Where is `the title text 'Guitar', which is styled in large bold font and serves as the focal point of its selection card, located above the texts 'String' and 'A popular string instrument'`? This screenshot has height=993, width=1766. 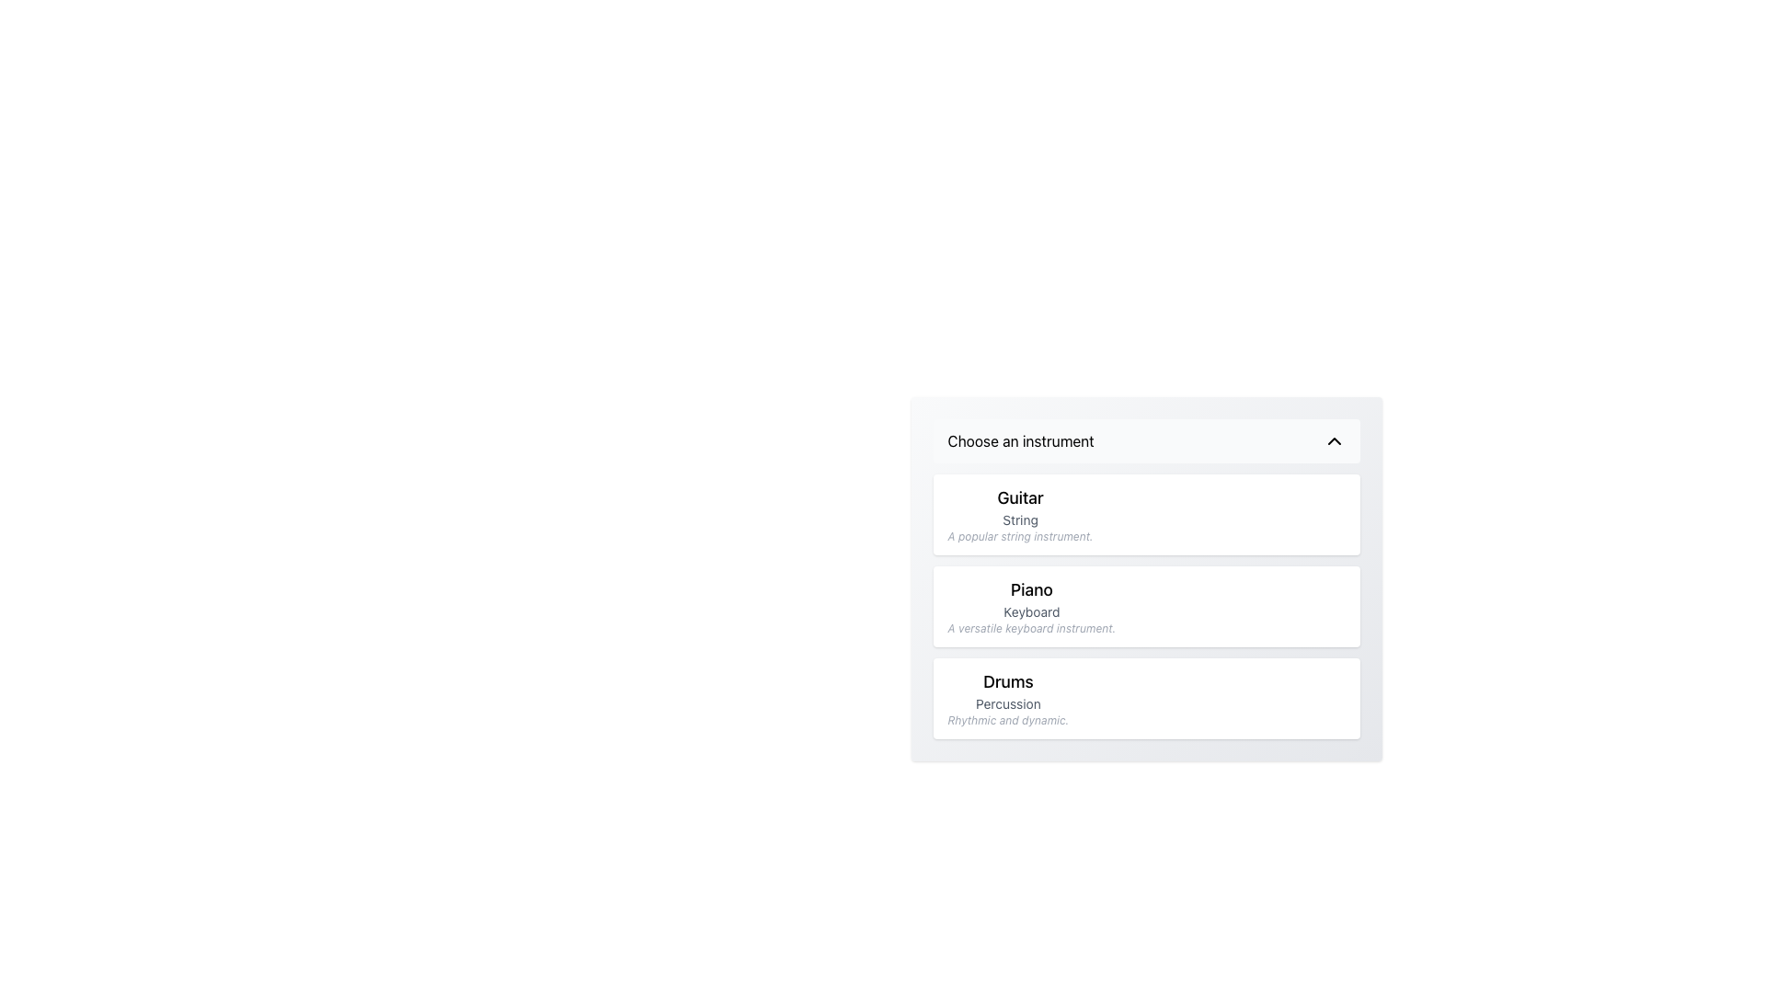 the title text 'Guitar', which is styled in large bold font and serves as the focal point of its selection card, located above the texts 'String' and 'A popular string instrument' is located at coordinates (1019, 498).